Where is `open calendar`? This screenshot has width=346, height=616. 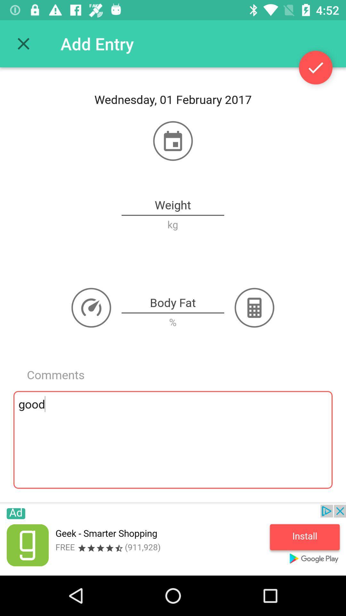
open calendar is located at coordinates (173, 141).